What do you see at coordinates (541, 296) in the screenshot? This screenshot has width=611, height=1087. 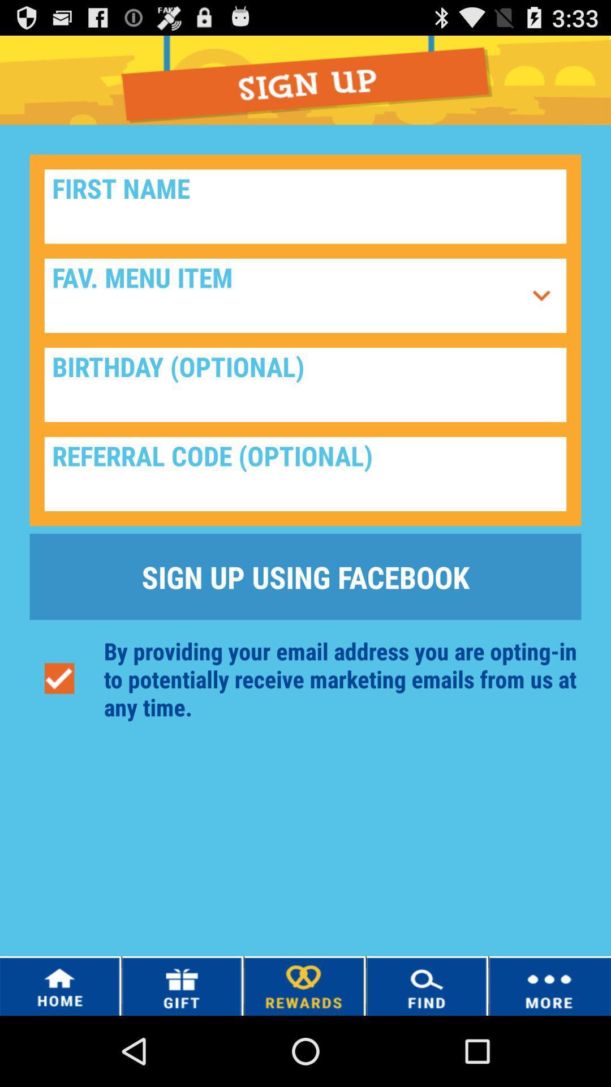 I see `allows the user to choose their favorite menu item` at bounding box center [541, 296].